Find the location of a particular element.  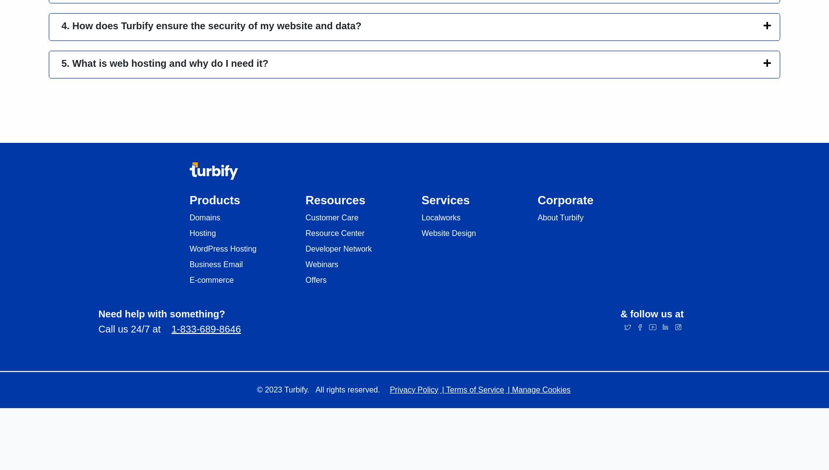

'E-commerce' is located at coordinates (211, 279).